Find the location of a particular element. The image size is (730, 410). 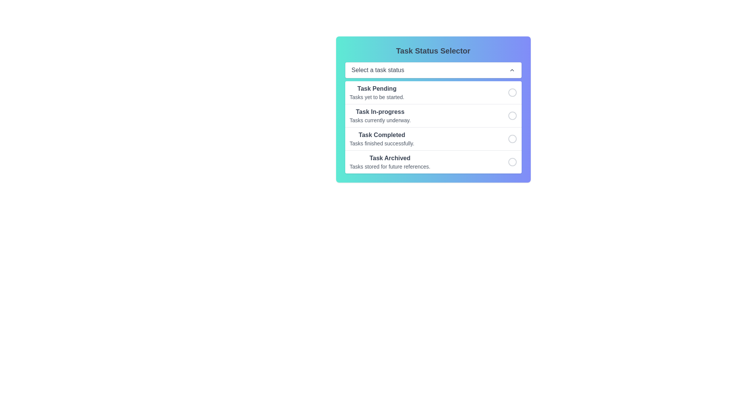

the Text label located directly below the 'Task Completed' status, which provides additional context for the user's selection is located at coordinates (382, 143).